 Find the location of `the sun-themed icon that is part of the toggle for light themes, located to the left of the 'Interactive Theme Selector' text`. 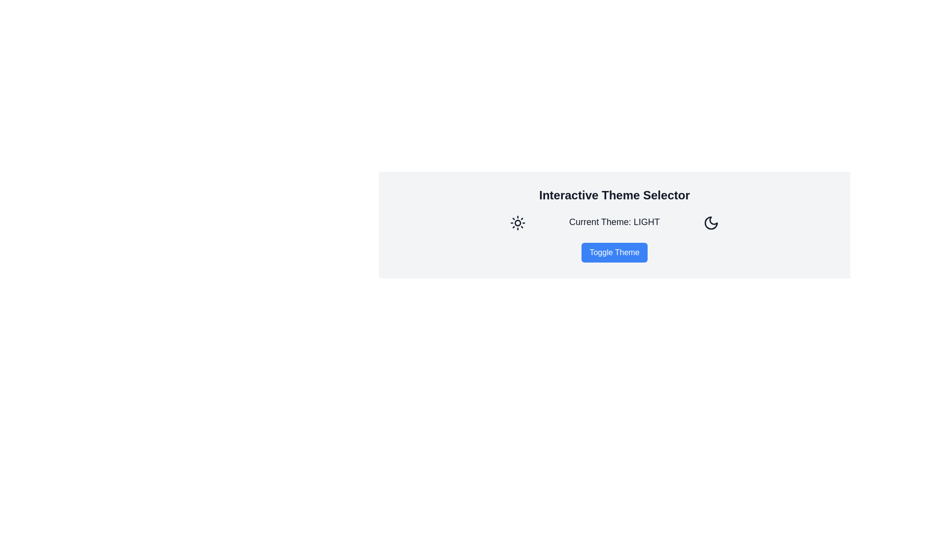

the sun-themed icon that is part of the toggle for light themes, located to the left of the 'Interactive Theme Selector' text is located at coordinates (517, 223).